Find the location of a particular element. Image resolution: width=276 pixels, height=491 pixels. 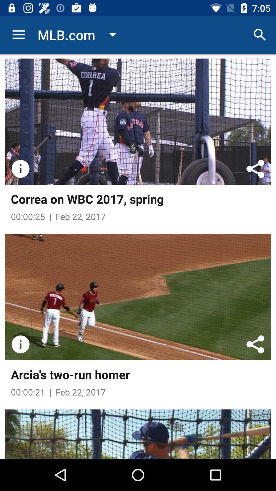

share the article is located at coordinates (255, 169).